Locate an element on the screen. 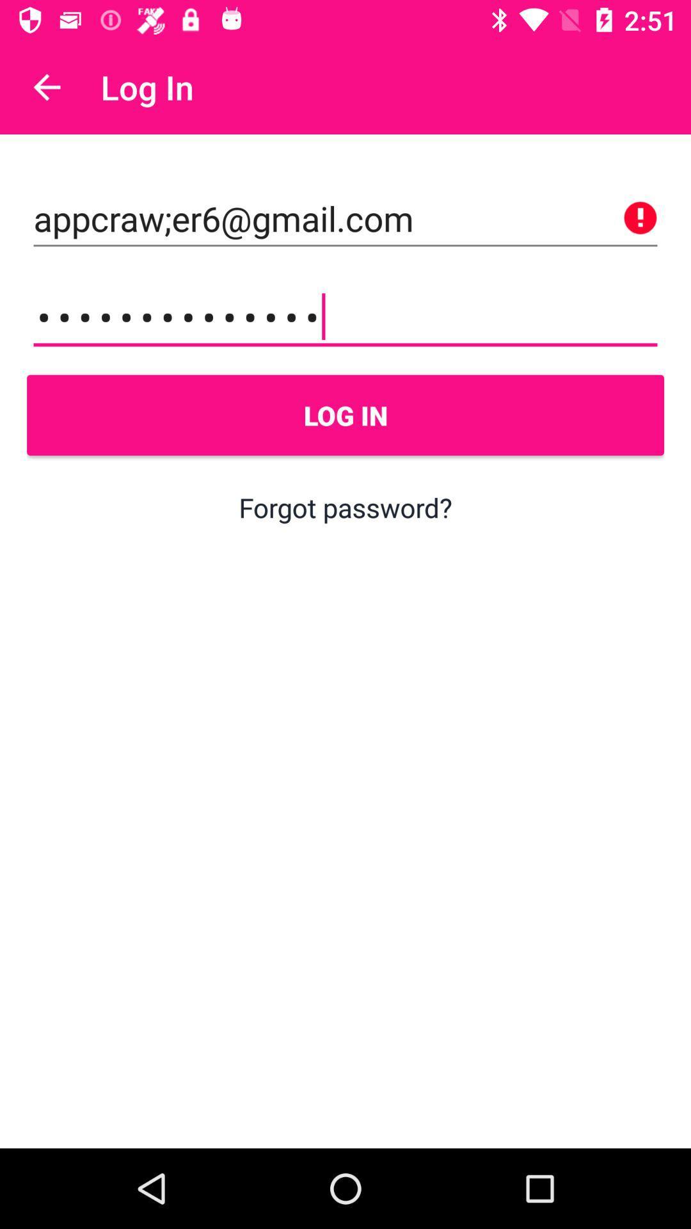 The height and width of the screenshot is (1229, 691). icon above the appcraw er6 gmail icon is located at coordinates (46, 86).